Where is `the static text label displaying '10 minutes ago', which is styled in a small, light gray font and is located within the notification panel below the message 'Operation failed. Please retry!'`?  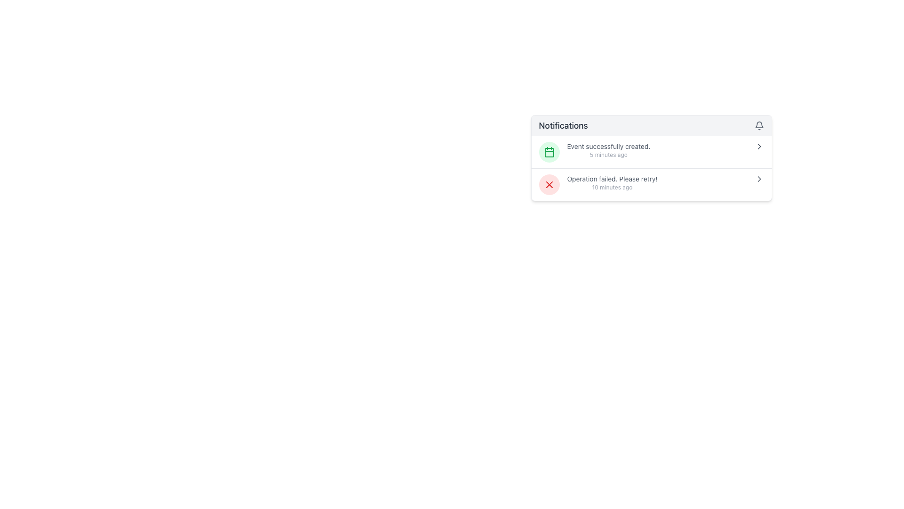 the static text label displaying '10 minutes ago', which is styled in a small, light gray font and is located within the notification panel below the message 'Operation failed. Please retry!' is located at coordinates (612, 187).